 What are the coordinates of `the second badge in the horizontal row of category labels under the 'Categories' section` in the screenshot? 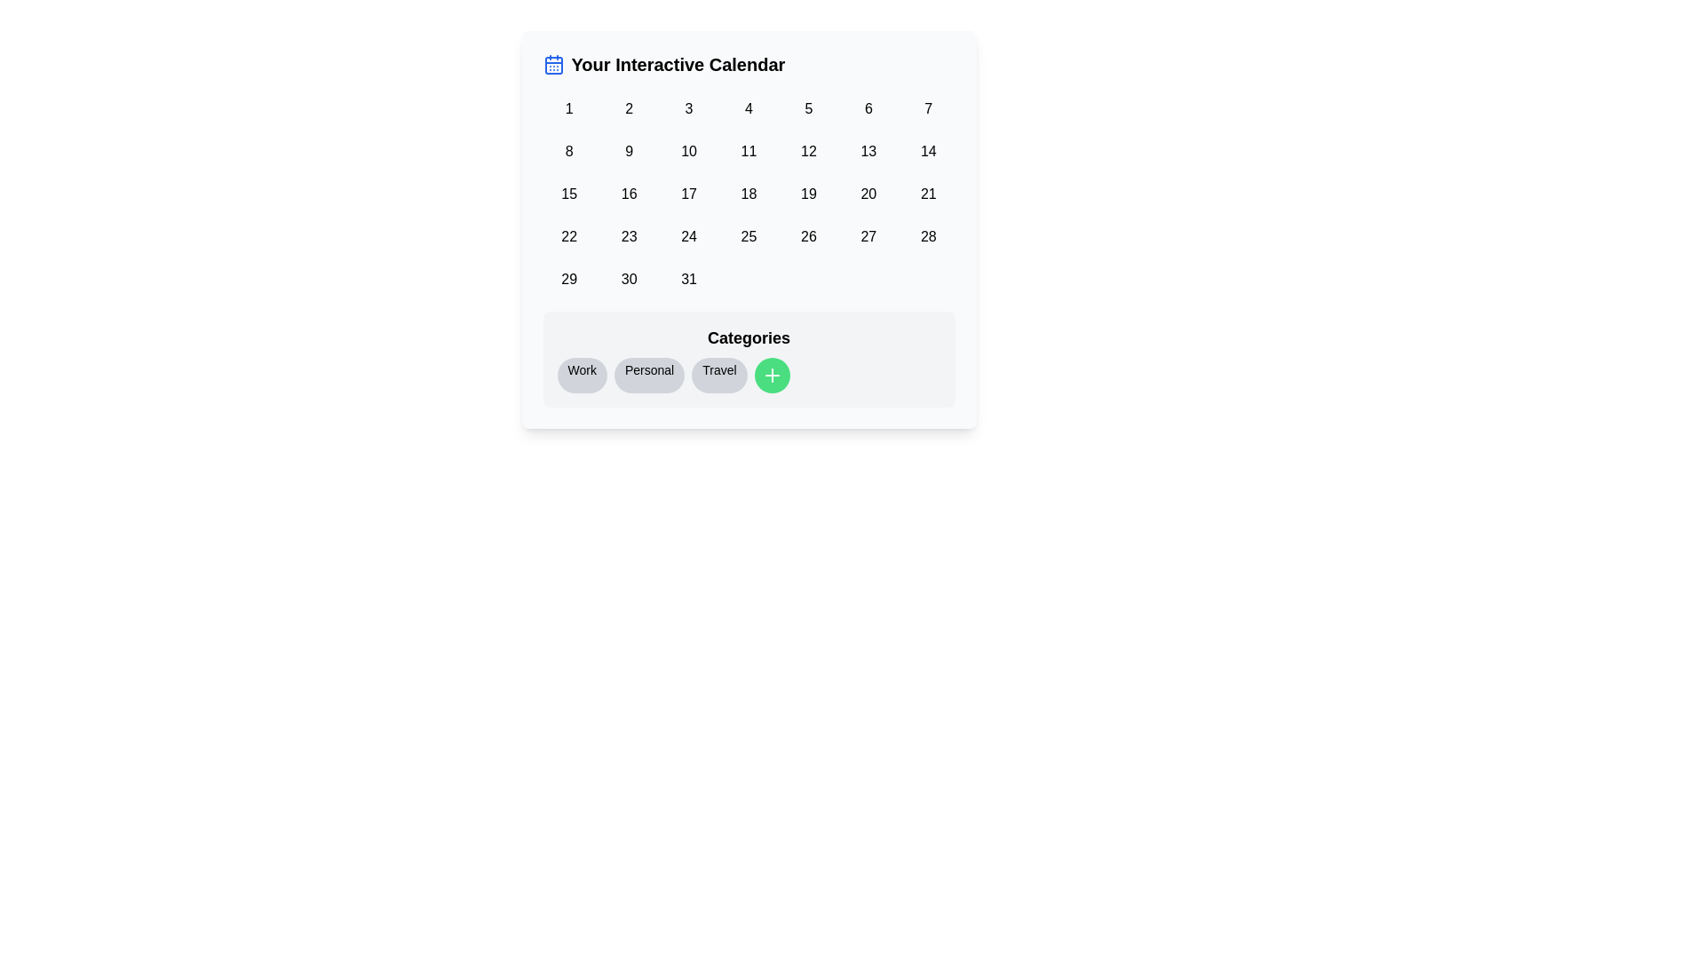 It's located at (648, 375).